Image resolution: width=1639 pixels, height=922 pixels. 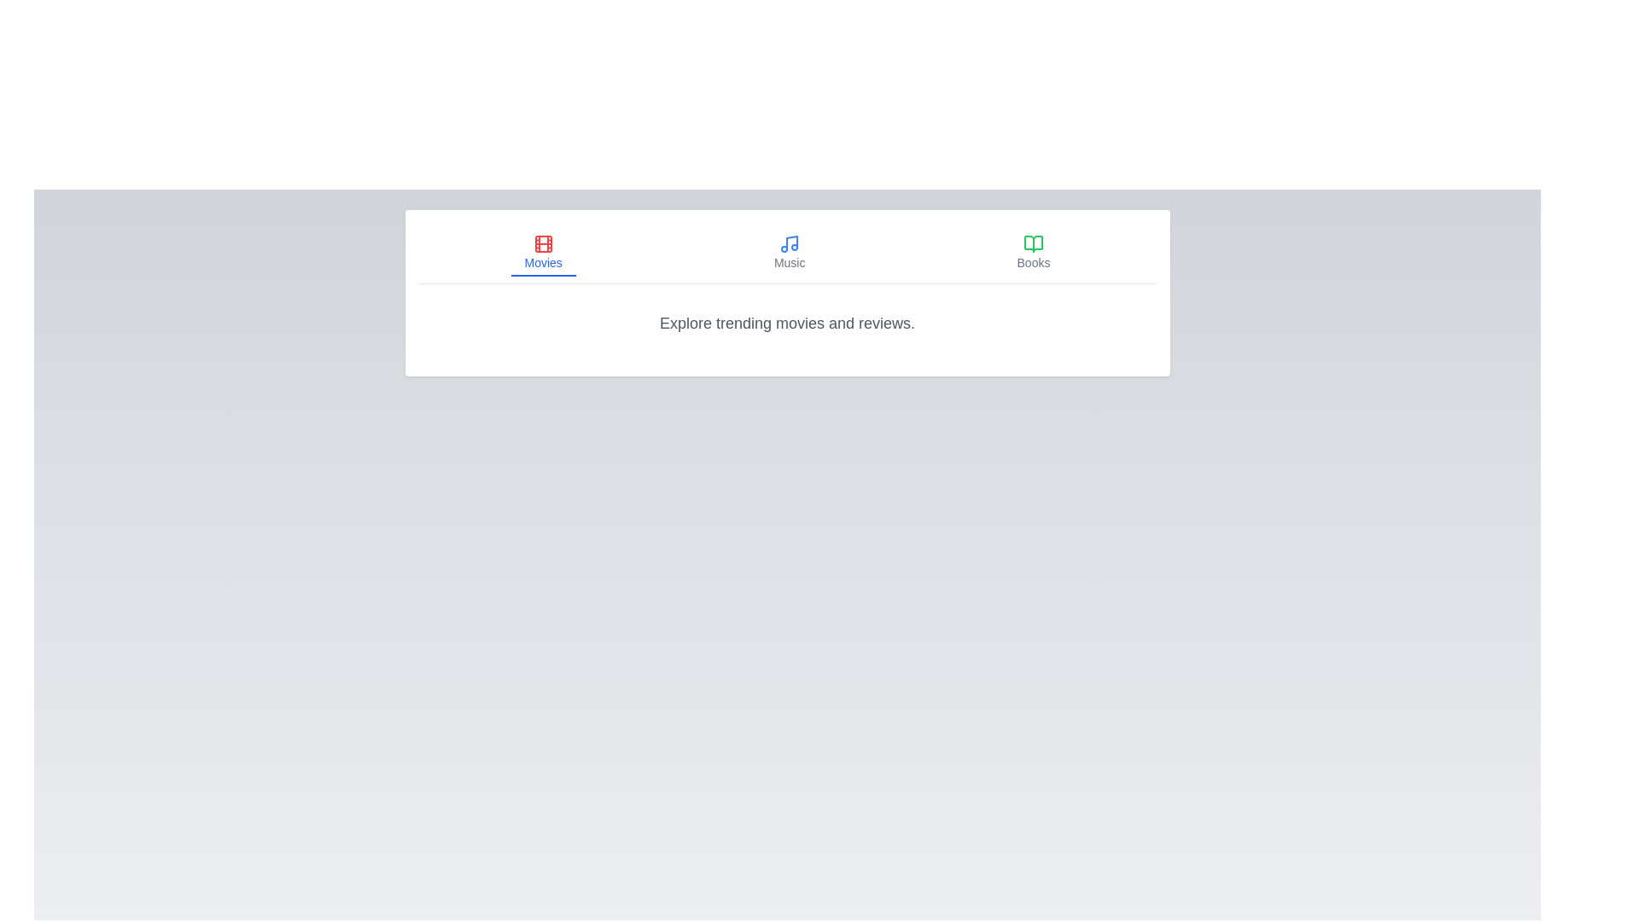 I want to click on the tab labeled Books to view its content, so click(x=1032, y=254).